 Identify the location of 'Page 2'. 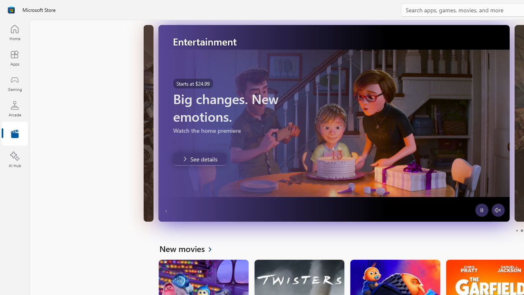
(521, 231).